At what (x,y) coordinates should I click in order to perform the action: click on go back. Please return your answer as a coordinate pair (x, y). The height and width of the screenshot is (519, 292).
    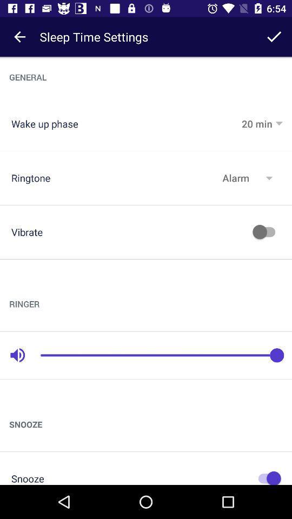
    Looking at the image, I should click on (19, 37).